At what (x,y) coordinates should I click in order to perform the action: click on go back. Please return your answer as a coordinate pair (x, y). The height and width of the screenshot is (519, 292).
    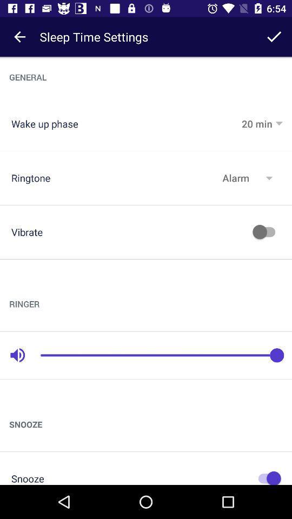
    Looking at the image, I should click on (19, 37).